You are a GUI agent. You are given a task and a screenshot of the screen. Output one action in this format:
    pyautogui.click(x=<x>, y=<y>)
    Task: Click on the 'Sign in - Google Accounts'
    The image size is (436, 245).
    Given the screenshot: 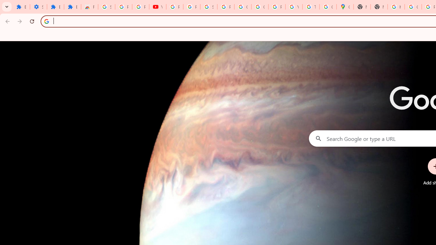 What is the action you would take?
    pyautogui.click(x=106, y=7)
    